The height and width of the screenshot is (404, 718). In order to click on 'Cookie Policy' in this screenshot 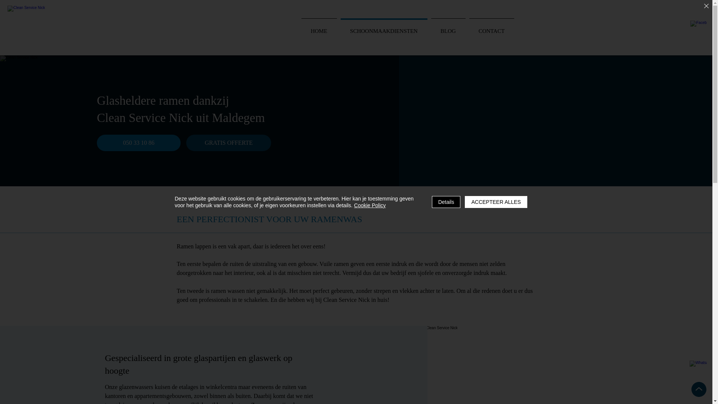, I will do `click(370, 205)`.